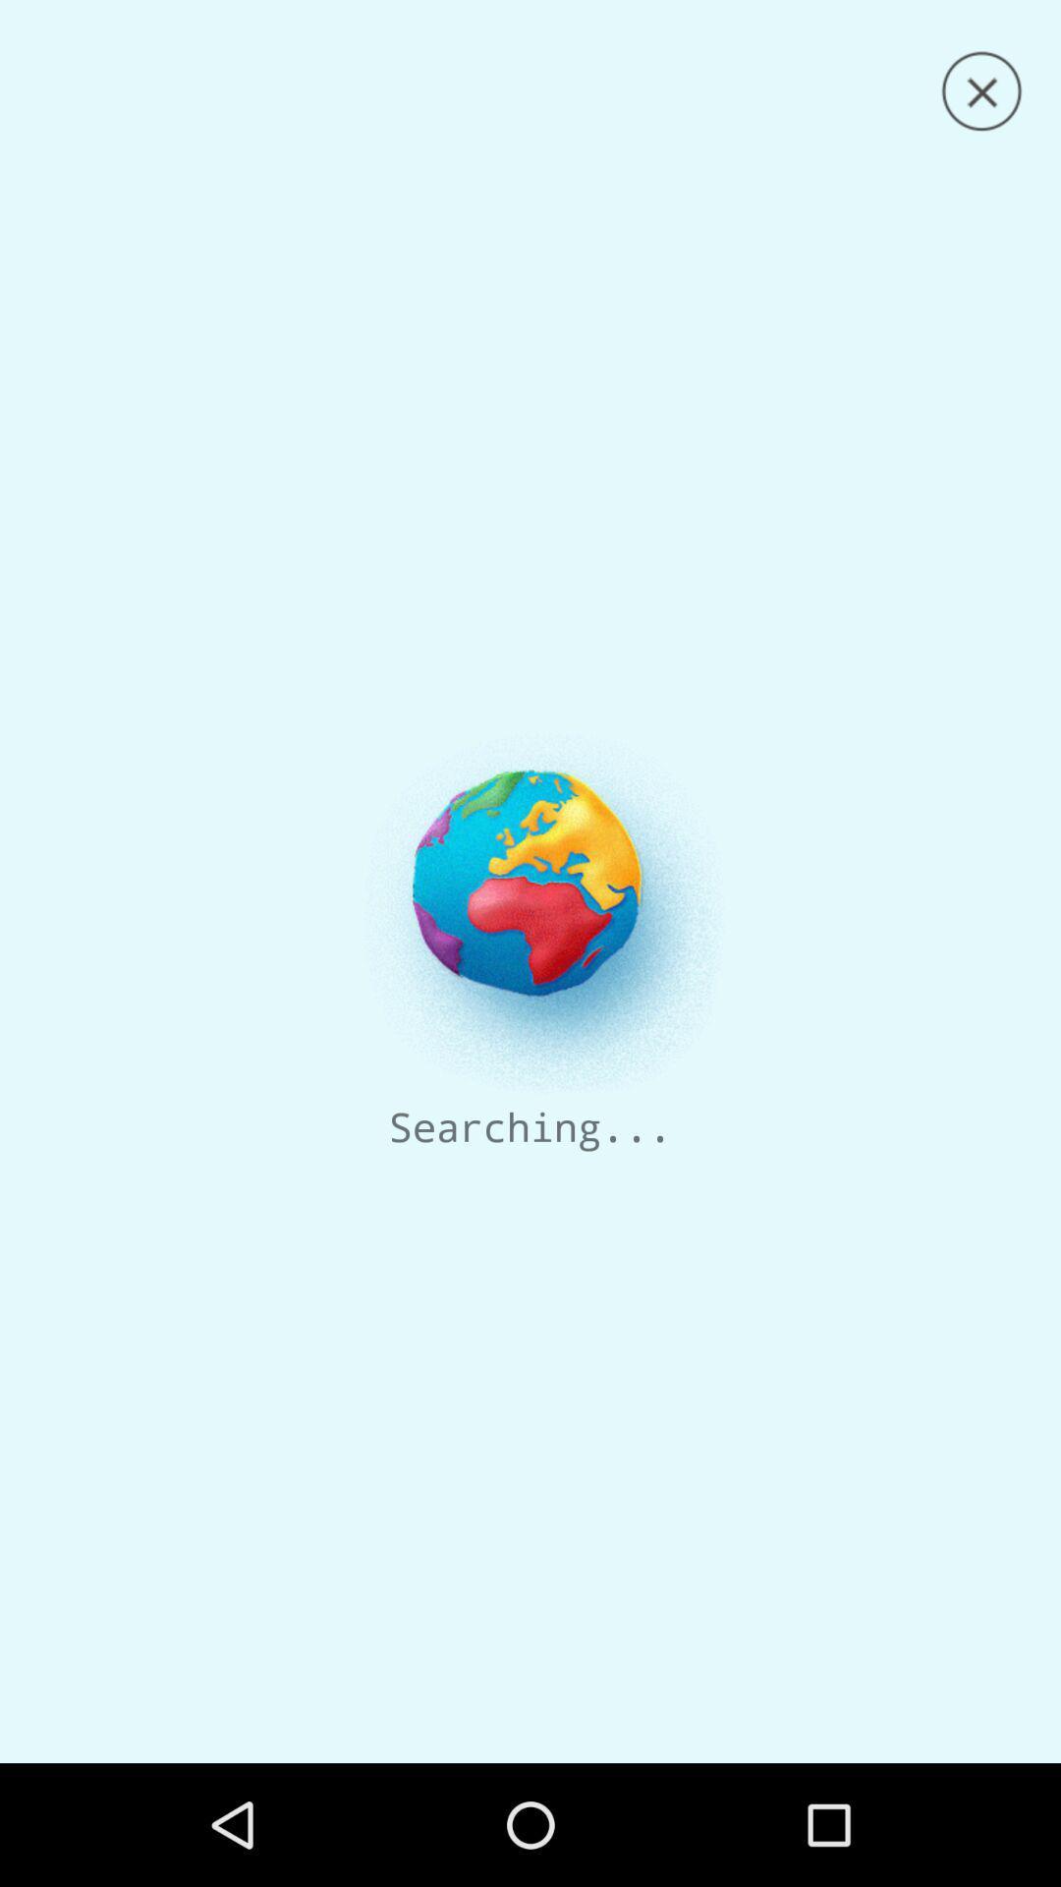 Image resolution: width=1061 pixels, height=1887 pixels. Describe the element at coordinates (981, 90) in the screenshot. I see `the close icon` at that location.